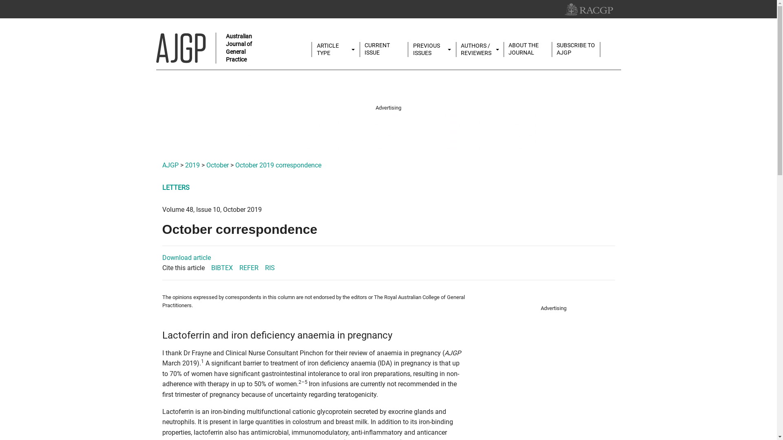 The image size is (783, 440). I want to click on 'SUBSCRIBE TO AJGP', so click(575, 49).